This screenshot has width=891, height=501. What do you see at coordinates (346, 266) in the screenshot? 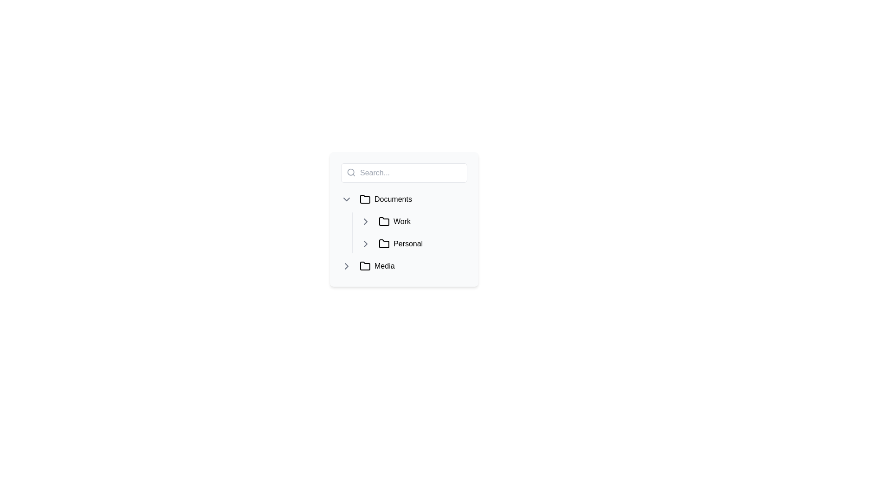
I see `the collapsible toggle button located to the left of the 'Media' text` at bounding box center [346, 266].